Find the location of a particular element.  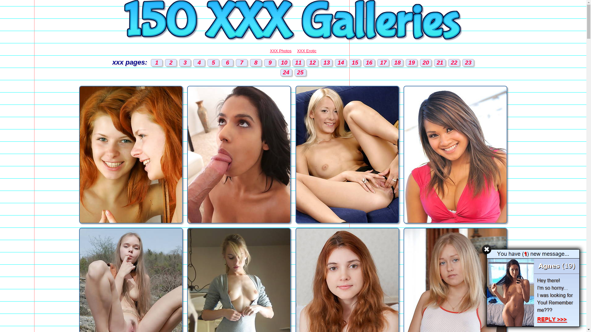

'XXX Photos' is located at coordinates (270, 50).